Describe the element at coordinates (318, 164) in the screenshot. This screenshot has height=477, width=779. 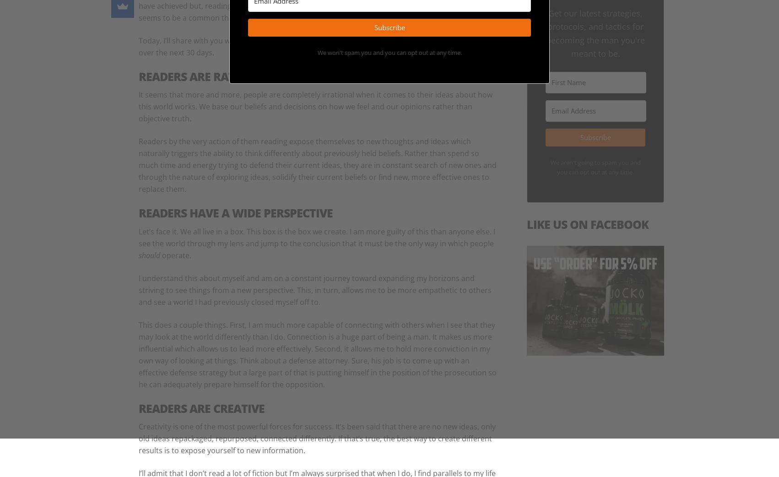
I see `'Readers by the very action of them reading expose themselves to new thoughts and ideas which naturally triggers the ability to think differently about previously held beliefs. Rather than spend so much time and energy trying to defend their current ideas, they are in constant search of new ones and through the nature of exploring ideas, solidify their current beliefs or find new, more effective ones to replace them.'` at that location.